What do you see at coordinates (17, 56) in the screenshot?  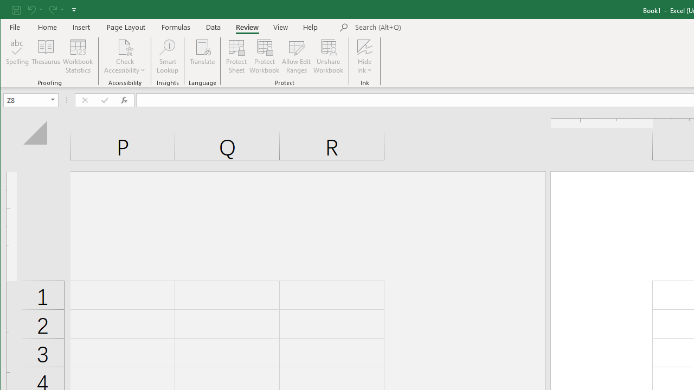 I see `'Spelling...'` at bounding box center [17, 56].